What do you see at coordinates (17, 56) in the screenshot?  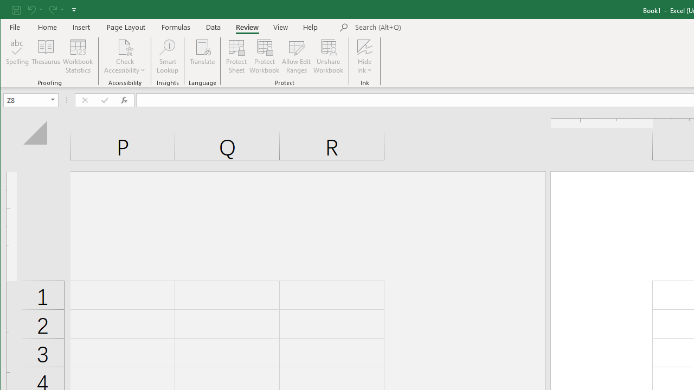 I see `'Spelling...'` at bounding box center [17, 56].